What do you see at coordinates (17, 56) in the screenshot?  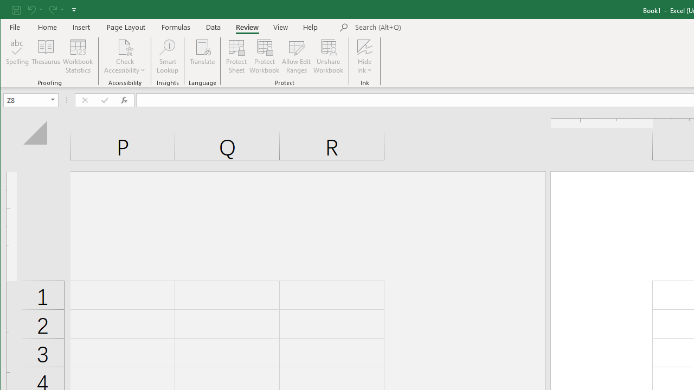 I see `'Spelling...'` at bounding box center [17, 56].